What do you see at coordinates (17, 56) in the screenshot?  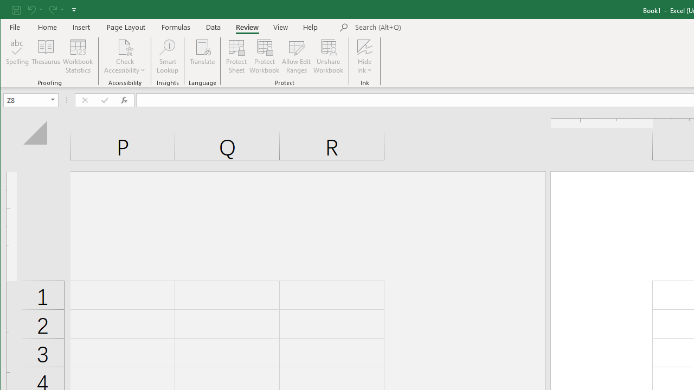 I see `'Spelling...'` at bounding box center [17, 56].